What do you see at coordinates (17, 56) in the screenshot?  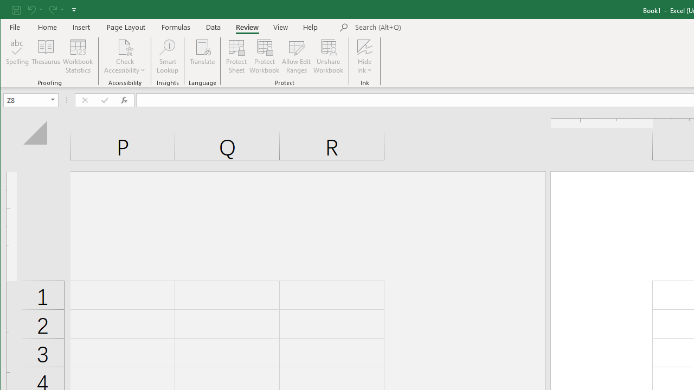 I see `'Spelling...'` at bounding box center [17, 56].